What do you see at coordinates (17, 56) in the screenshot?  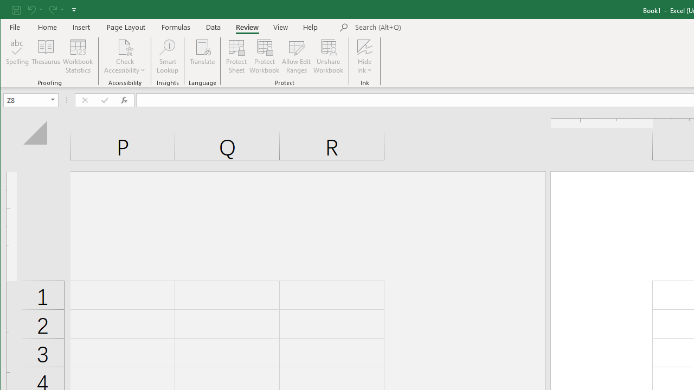 I see `'Spelling...'` at bounding box center [17, 56].